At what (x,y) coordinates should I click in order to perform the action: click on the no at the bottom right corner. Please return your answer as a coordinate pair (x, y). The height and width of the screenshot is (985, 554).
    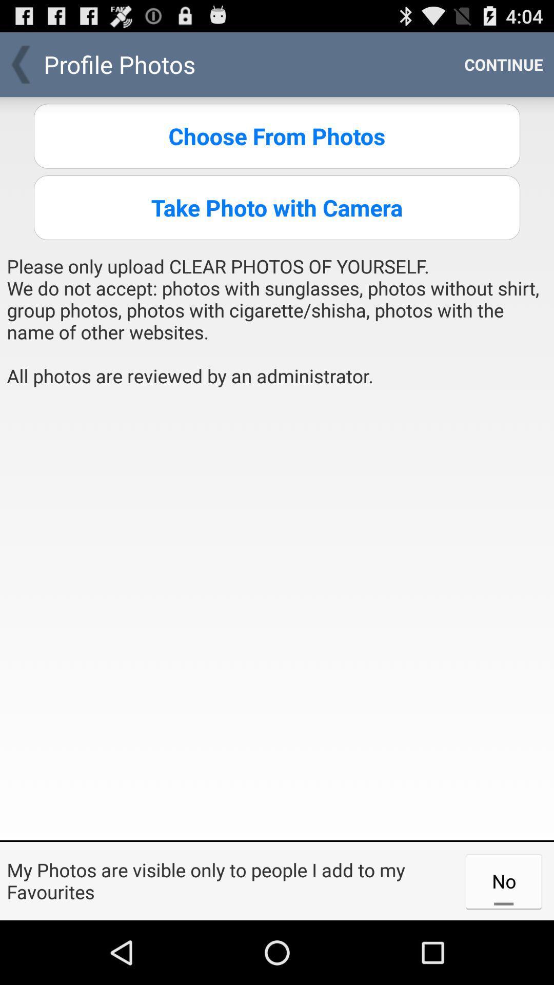
    Looking at the image, I should click on (503, 880).